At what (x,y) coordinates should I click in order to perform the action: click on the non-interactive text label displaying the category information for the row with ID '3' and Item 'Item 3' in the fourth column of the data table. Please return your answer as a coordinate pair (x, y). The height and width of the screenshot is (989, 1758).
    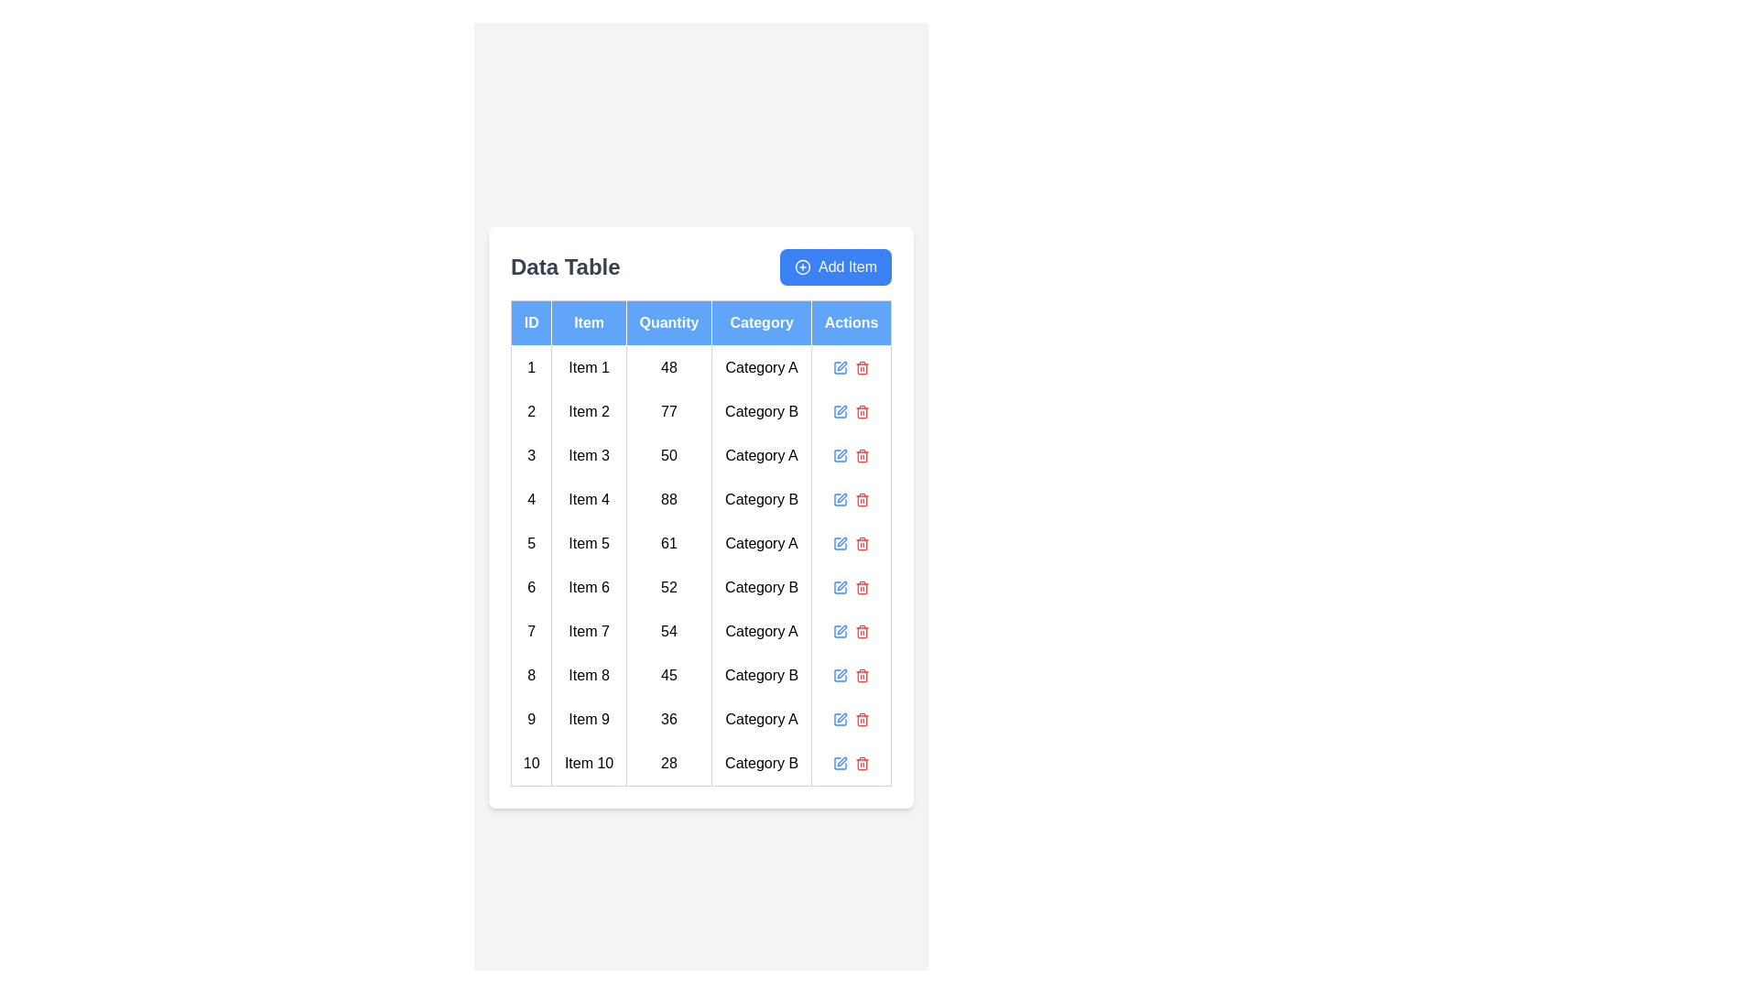
    Looking at the image, I should click on (762, 454).